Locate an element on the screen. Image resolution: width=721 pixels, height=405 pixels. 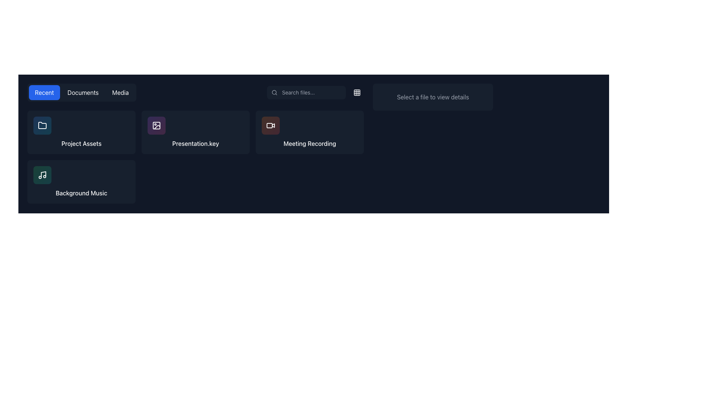
the musical note icon representing the 'Background Music' option is located at coordinates (42, 175).